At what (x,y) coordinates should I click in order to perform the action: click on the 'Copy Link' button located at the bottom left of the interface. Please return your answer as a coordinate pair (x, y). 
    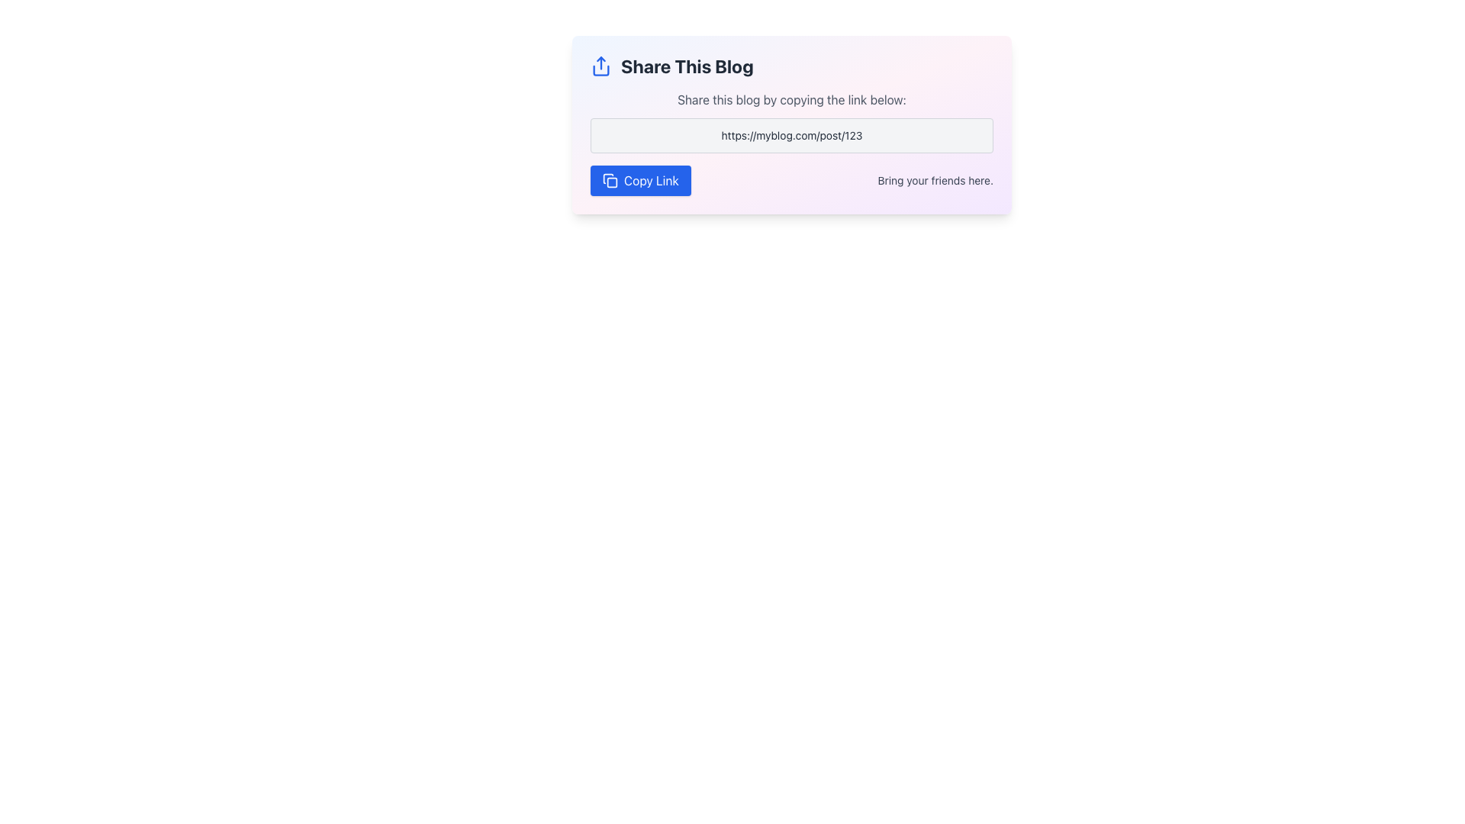
    Looking at the image, I should click on (610, 179).